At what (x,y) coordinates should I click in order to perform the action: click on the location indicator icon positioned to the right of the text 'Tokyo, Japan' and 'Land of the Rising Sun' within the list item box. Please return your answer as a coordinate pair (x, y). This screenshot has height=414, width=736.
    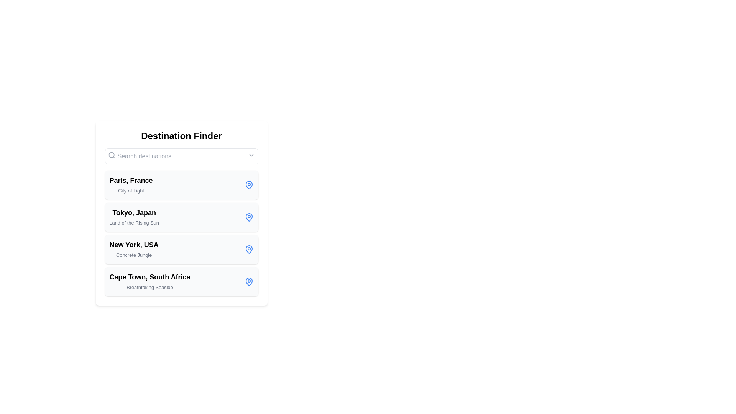
    Looking at the image, I should click on (249, 217).